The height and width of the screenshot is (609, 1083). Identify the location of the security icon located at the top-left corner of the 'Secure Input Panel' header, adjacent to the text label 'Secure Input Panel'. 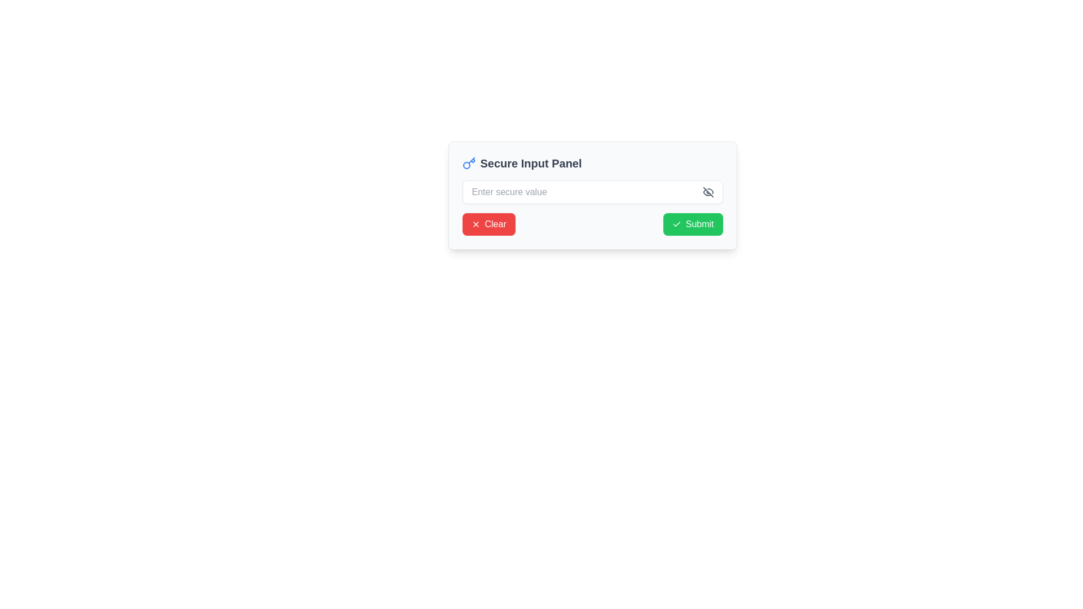
(469, 163).